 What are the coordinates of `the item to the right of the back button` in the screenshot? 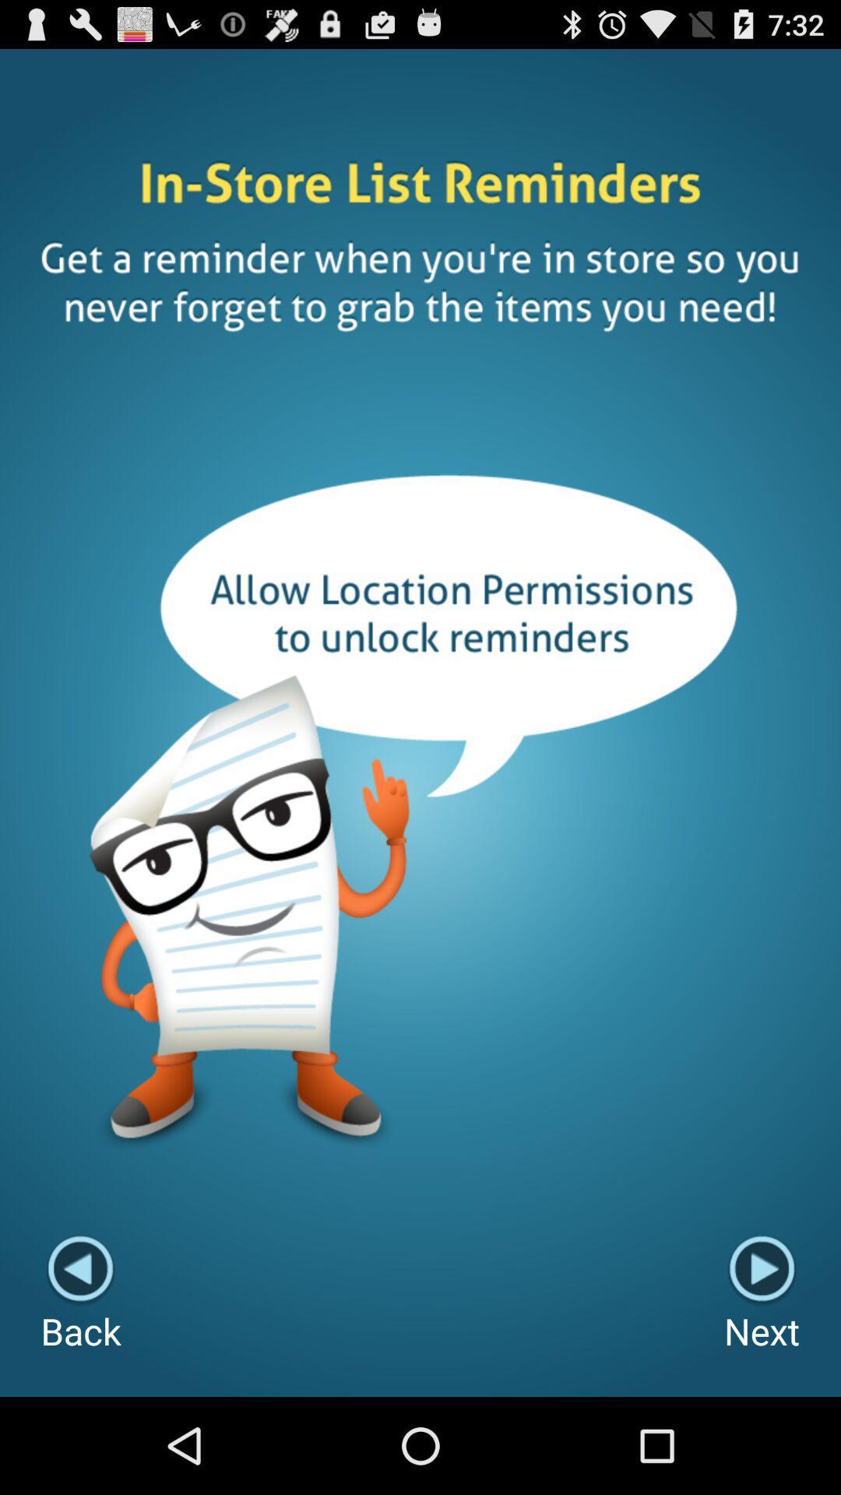 It's located at (761, 1295).